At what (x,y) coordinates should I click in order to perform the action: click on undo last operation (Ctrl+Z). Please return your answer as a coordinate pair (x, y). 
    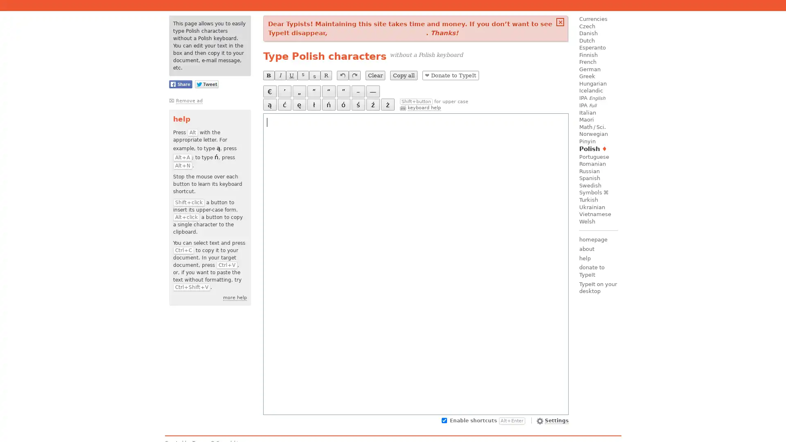
    Looking at the image, I should click on (342, 75).